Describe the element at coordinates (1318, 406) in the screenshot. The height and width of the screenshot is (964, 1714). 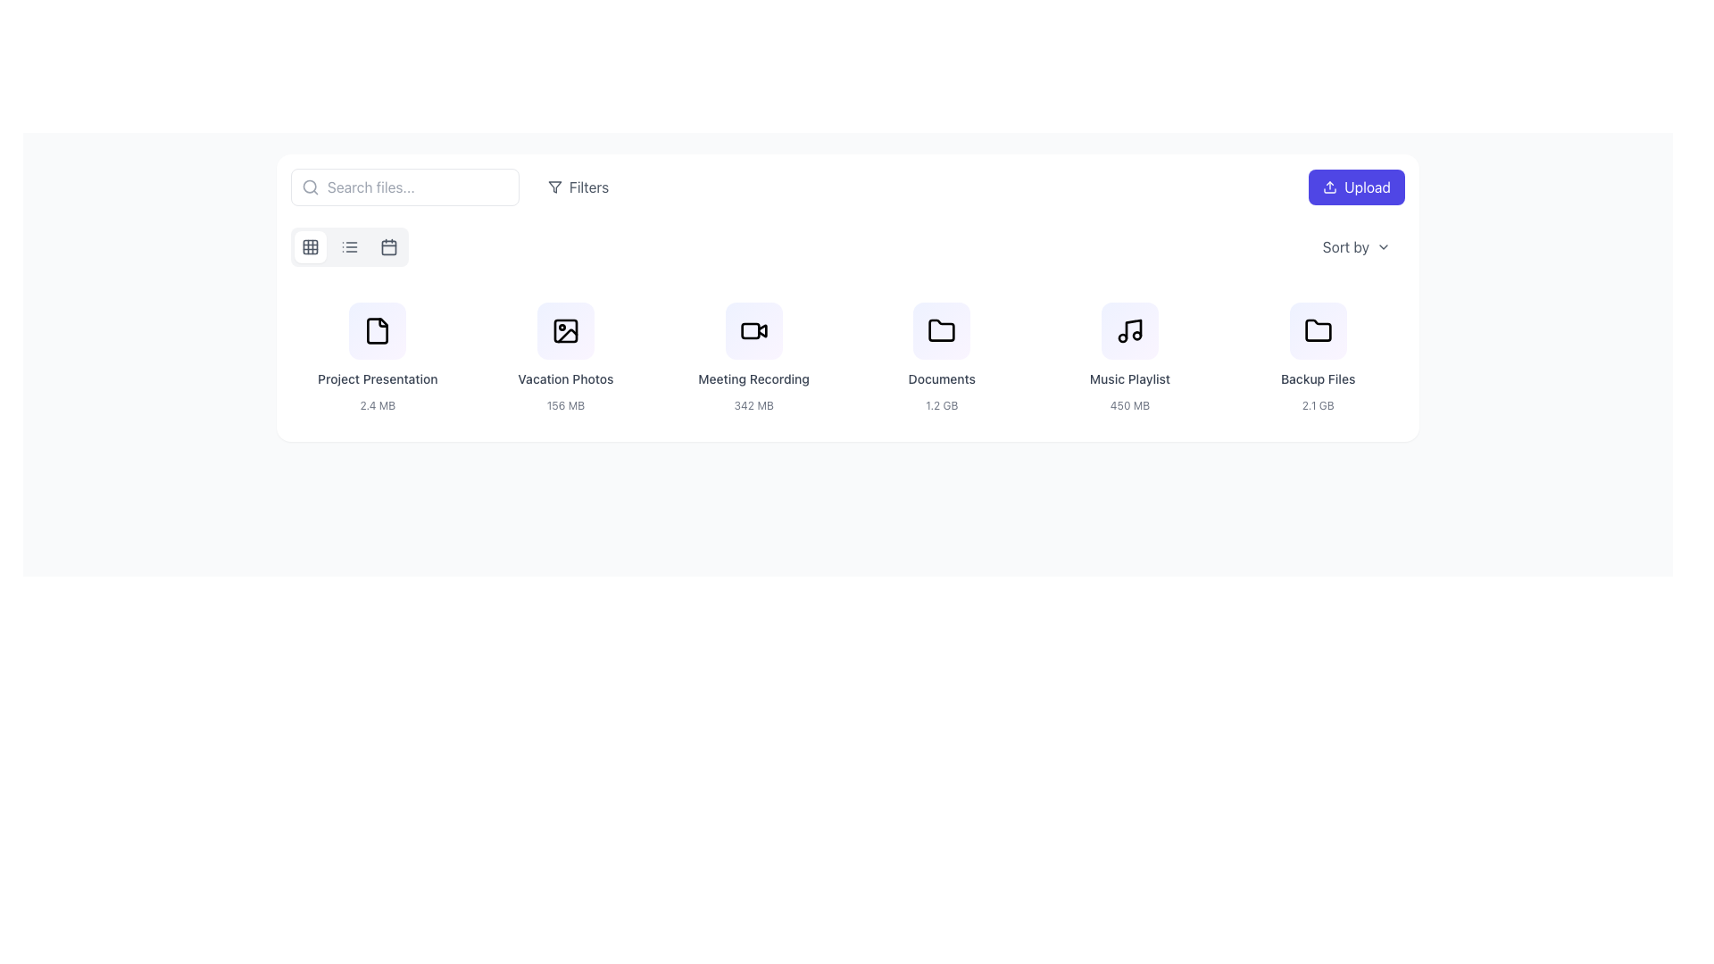
I see `the Text label that indicates the size of the backup files, located below the title 'Backup Files' and aligned centrally within the card displaying the backup file details` at that location.